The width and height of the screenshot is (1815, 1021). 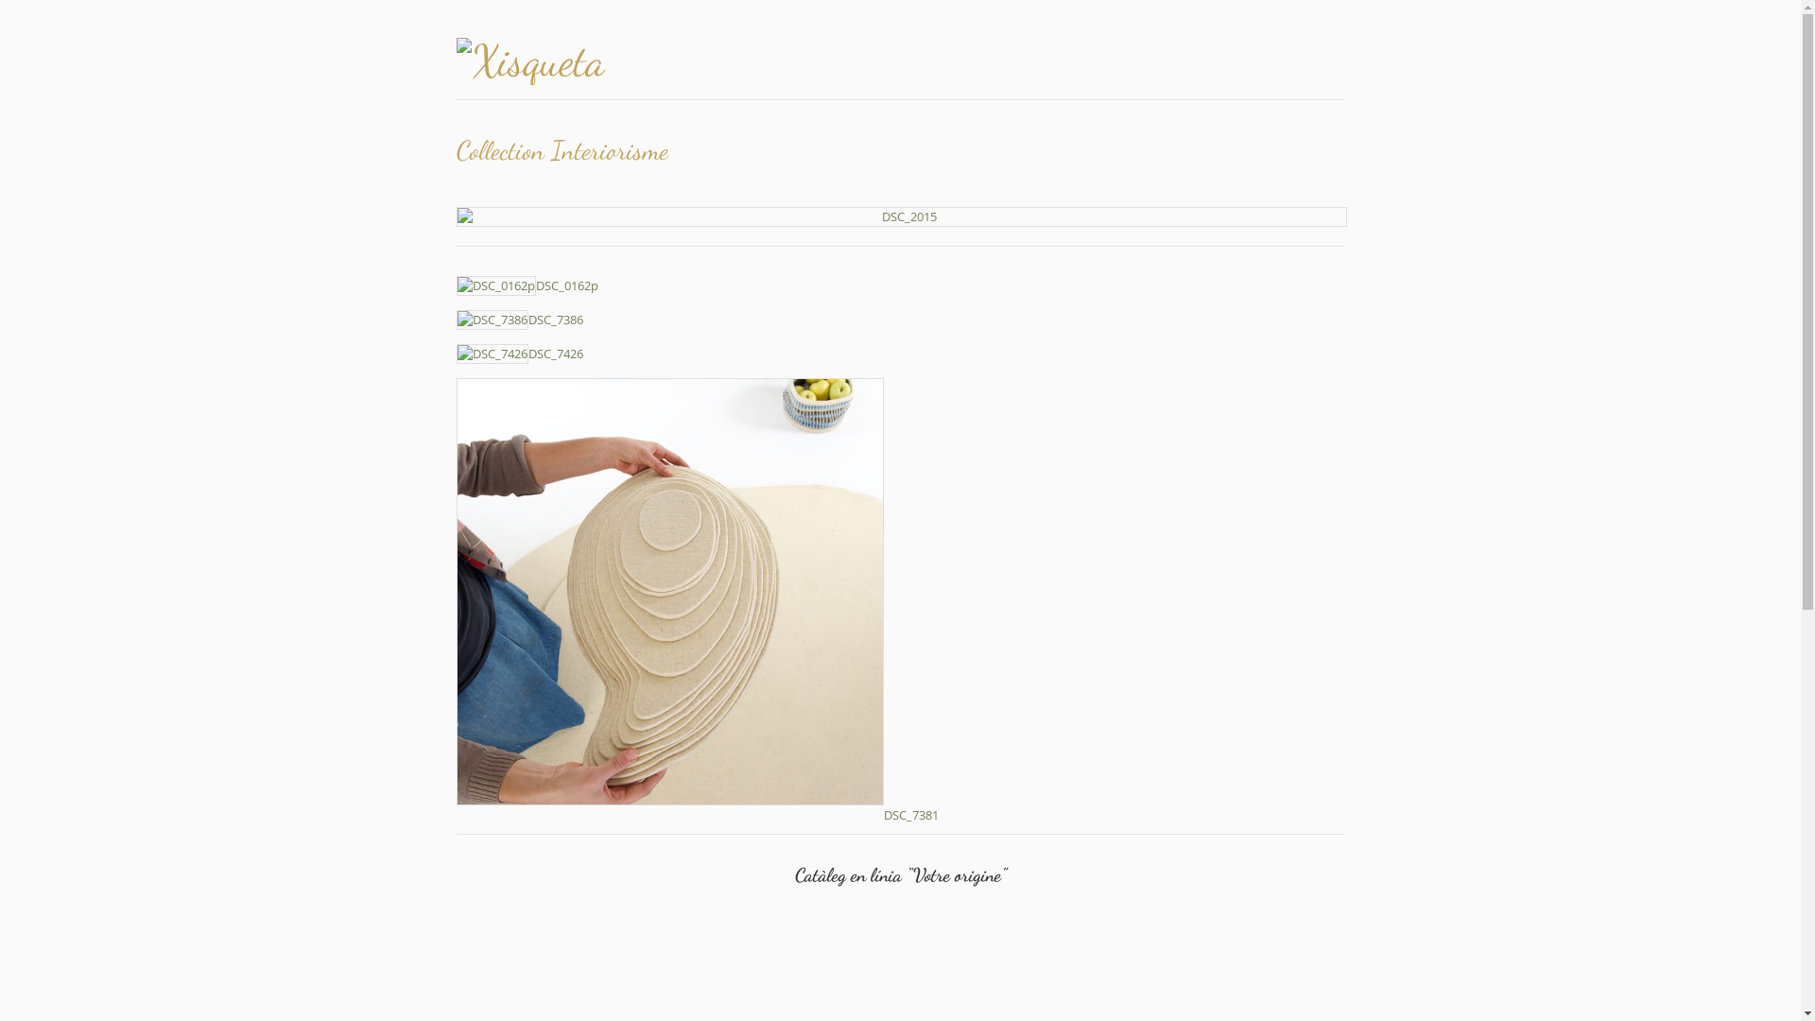 I want to click on 'Collection Interiorisme', so click(x=455, y=216).